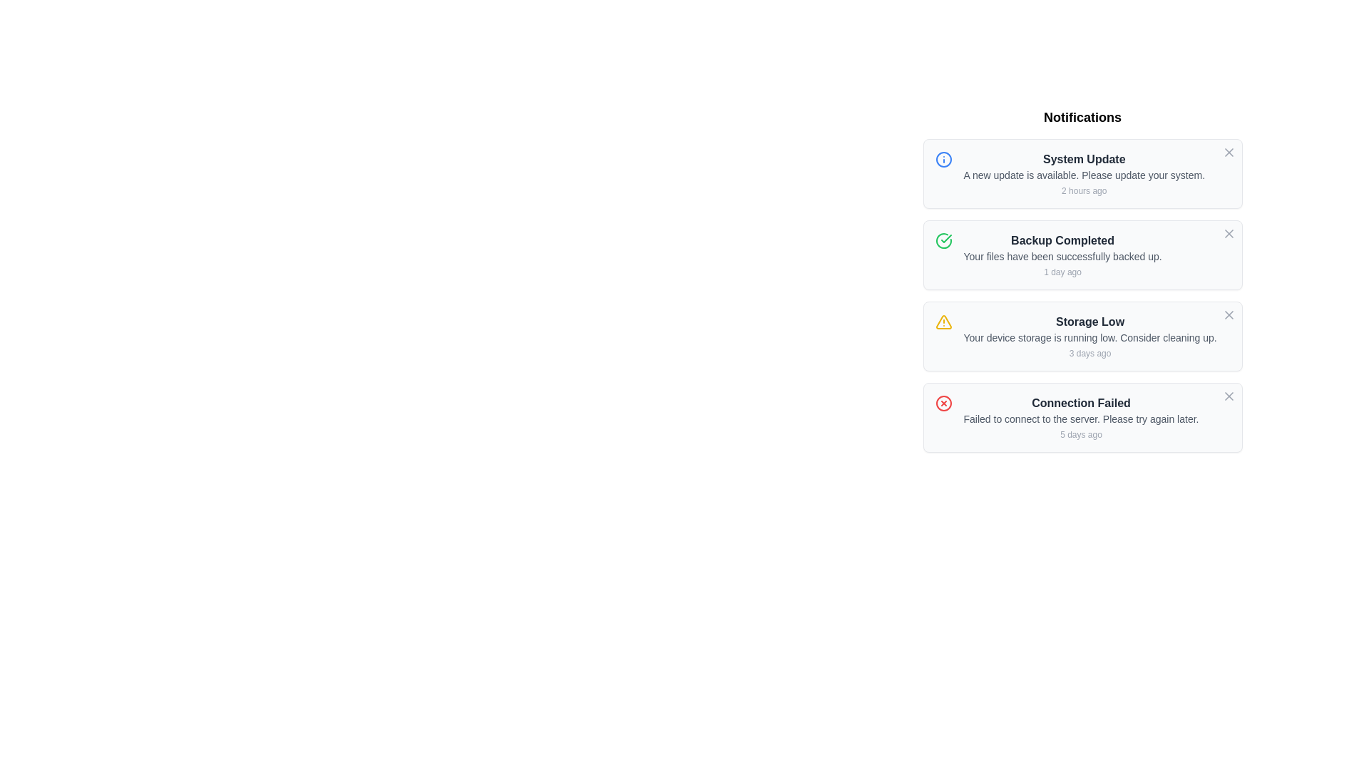 The image size is (1369, 770). I want to click on error message from the fourth notification in the 'Notifications' section, which indicates a failed connection attempt to a server, so click(1081, 417).